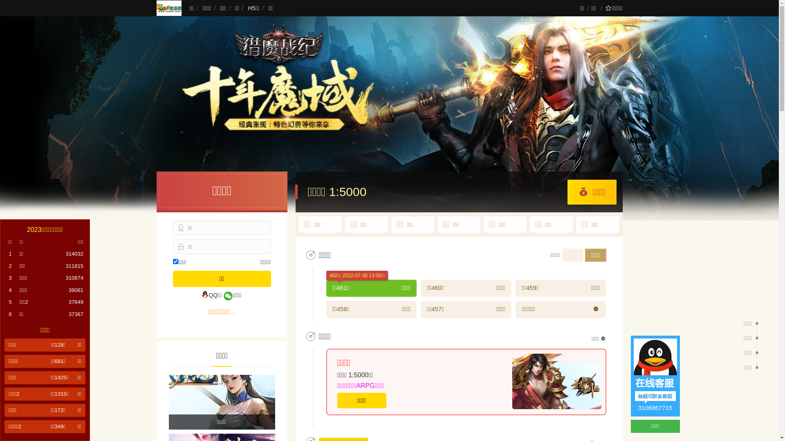  I want to click on '3106867715', so click(655, 376).